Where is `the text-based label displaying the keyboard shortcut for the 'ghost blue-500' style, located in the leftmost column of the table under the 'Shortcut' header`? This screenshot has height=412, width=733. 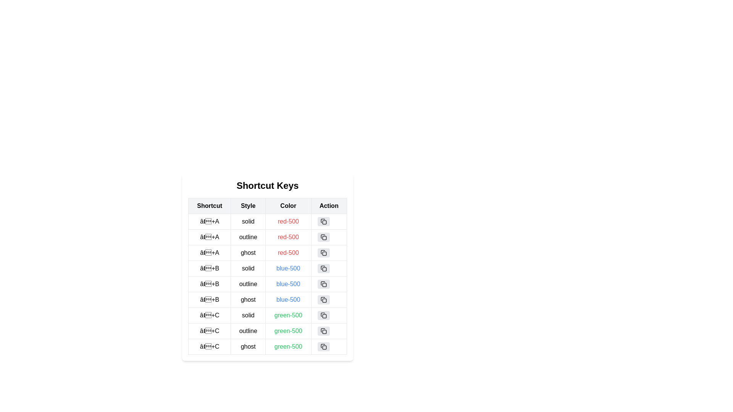
the text-based label displaying the keyboard shortcut for the 'ghost blue-500' style, located in the leftmost column of the table under the 'Shortcut' header is located at coordinates (210, 299).